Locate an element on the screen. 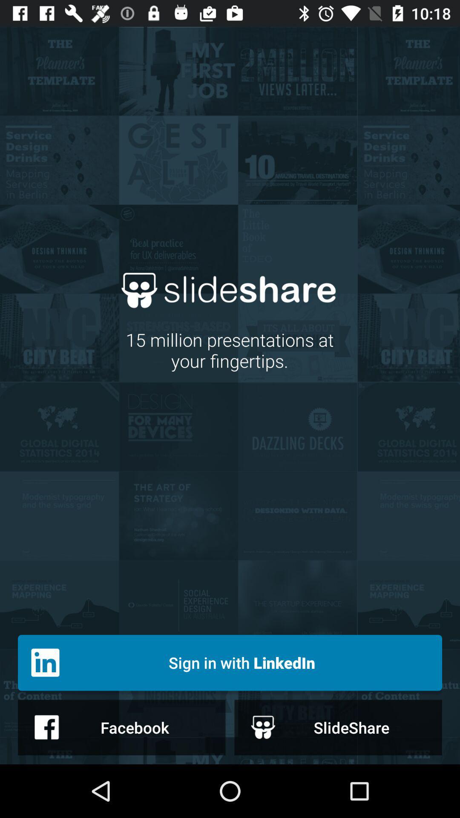 The height and width of the screenshot is (818, 460). the icon below sign in with icon is located at coordinates (121, 727).